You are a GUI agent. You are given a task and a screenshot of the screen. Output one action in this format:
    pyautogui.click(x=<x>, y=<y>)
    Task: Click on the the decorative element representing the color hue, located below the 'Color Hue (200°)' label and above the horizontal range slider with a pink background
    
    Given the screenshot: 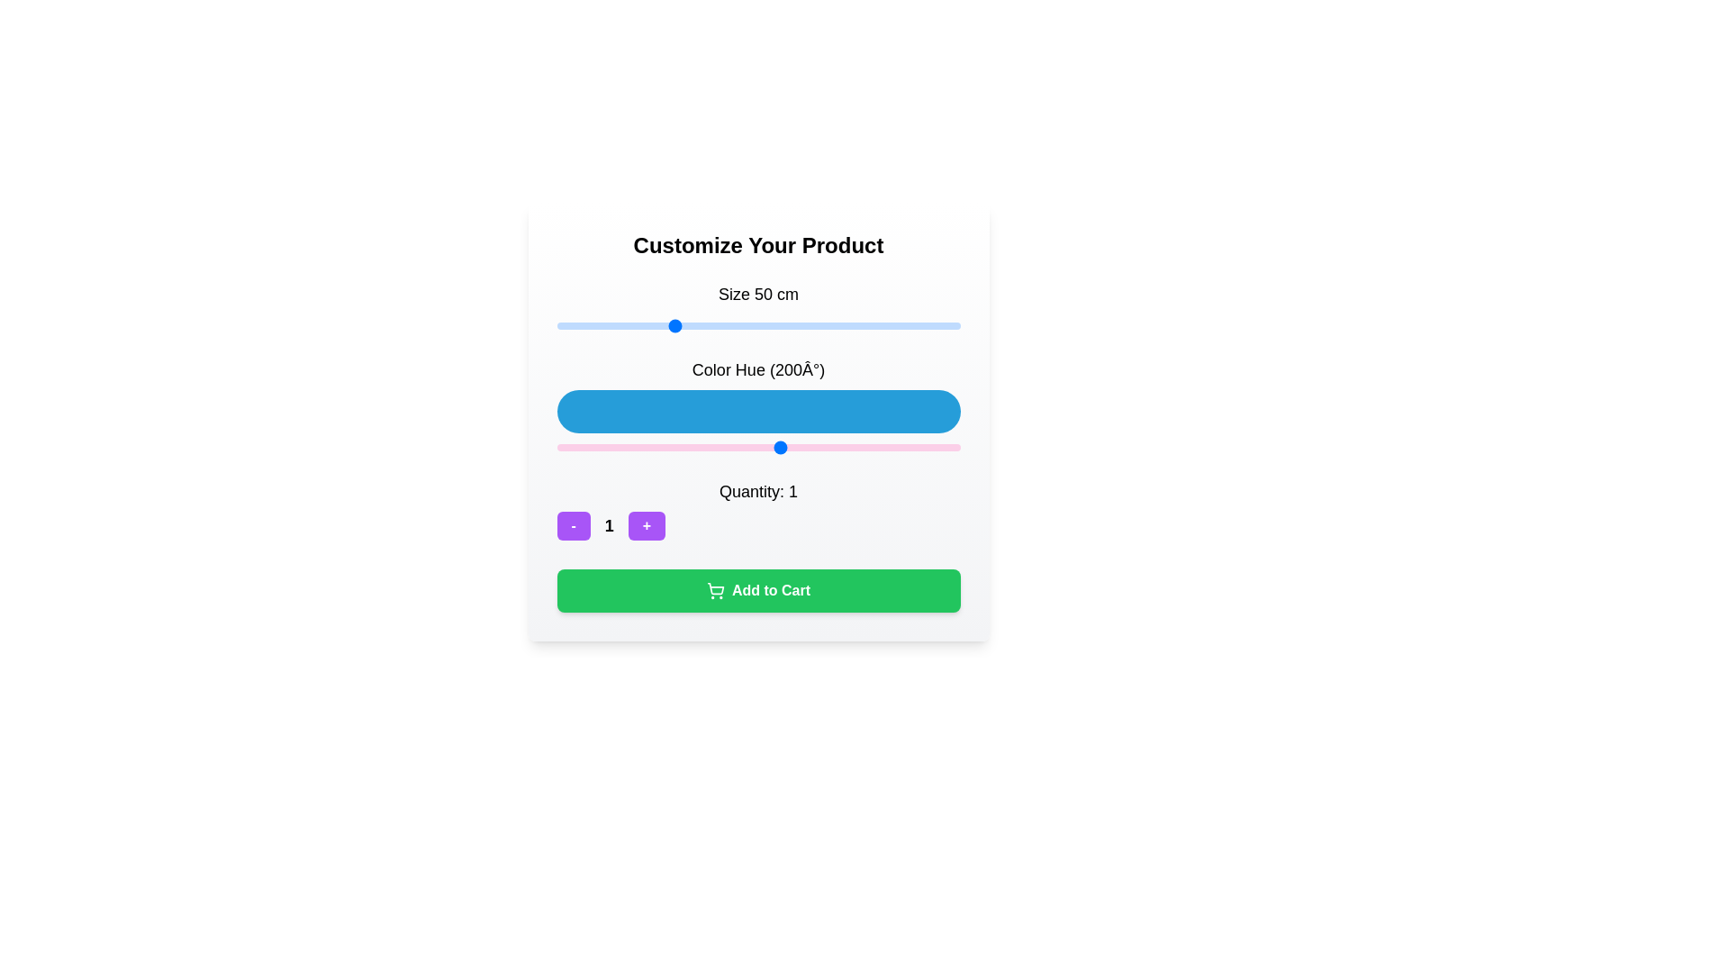 What is the action you would take?
    pyautogui.click(x=758, y=407)
    